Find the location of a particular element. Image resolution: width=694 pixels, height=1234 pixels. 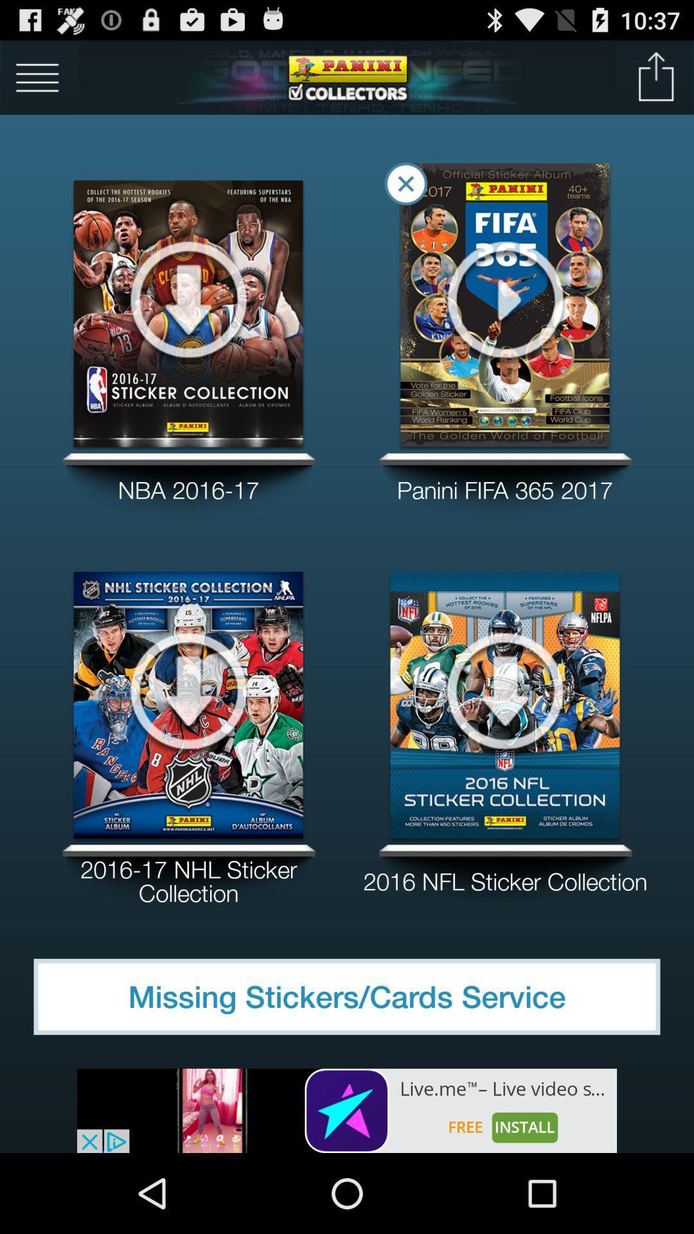

the file_download icon is located at coordinates (188, 319).